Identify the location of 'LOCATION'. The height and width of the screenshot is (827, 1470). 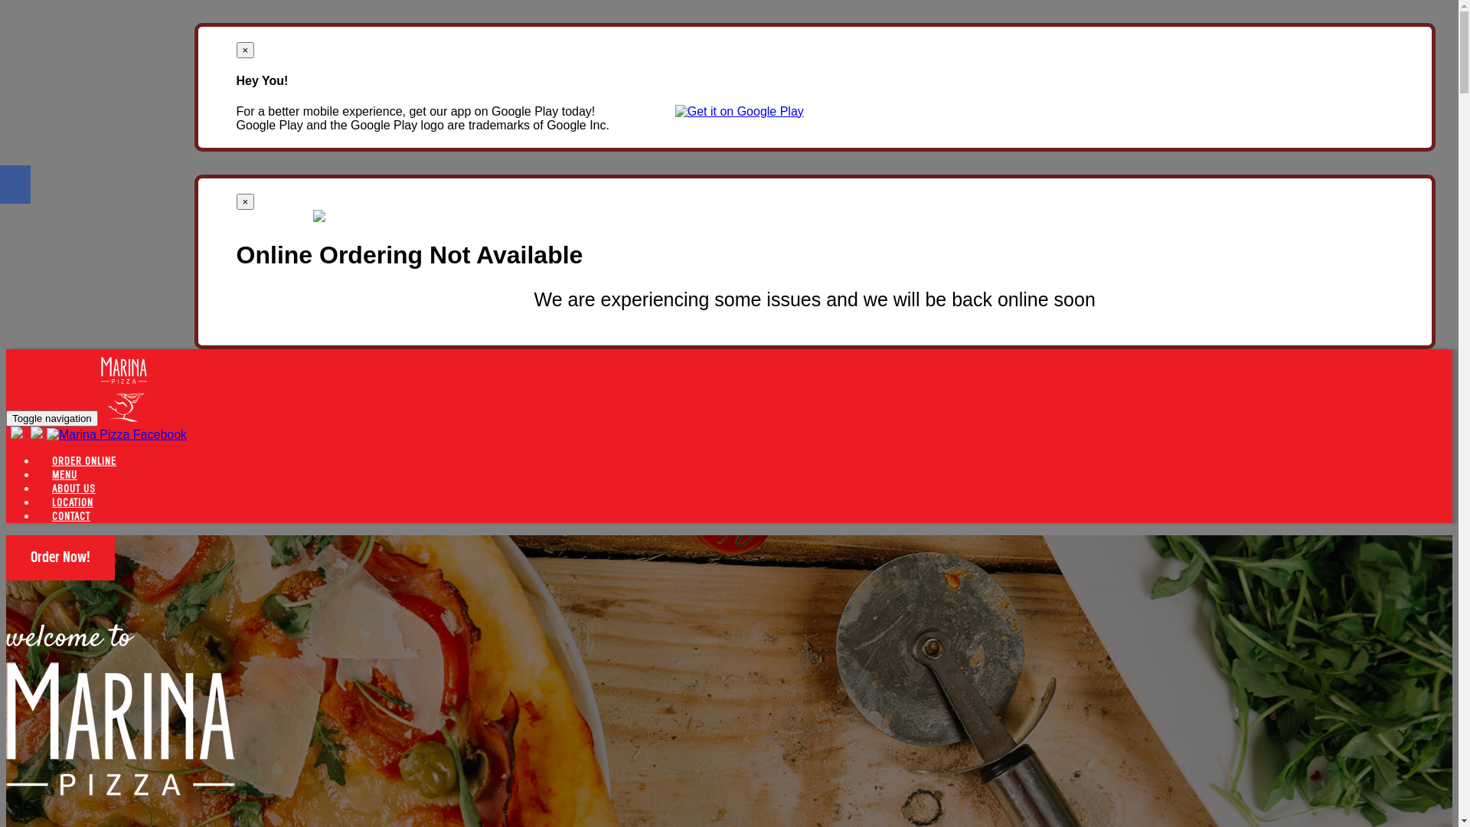
(72, 502).